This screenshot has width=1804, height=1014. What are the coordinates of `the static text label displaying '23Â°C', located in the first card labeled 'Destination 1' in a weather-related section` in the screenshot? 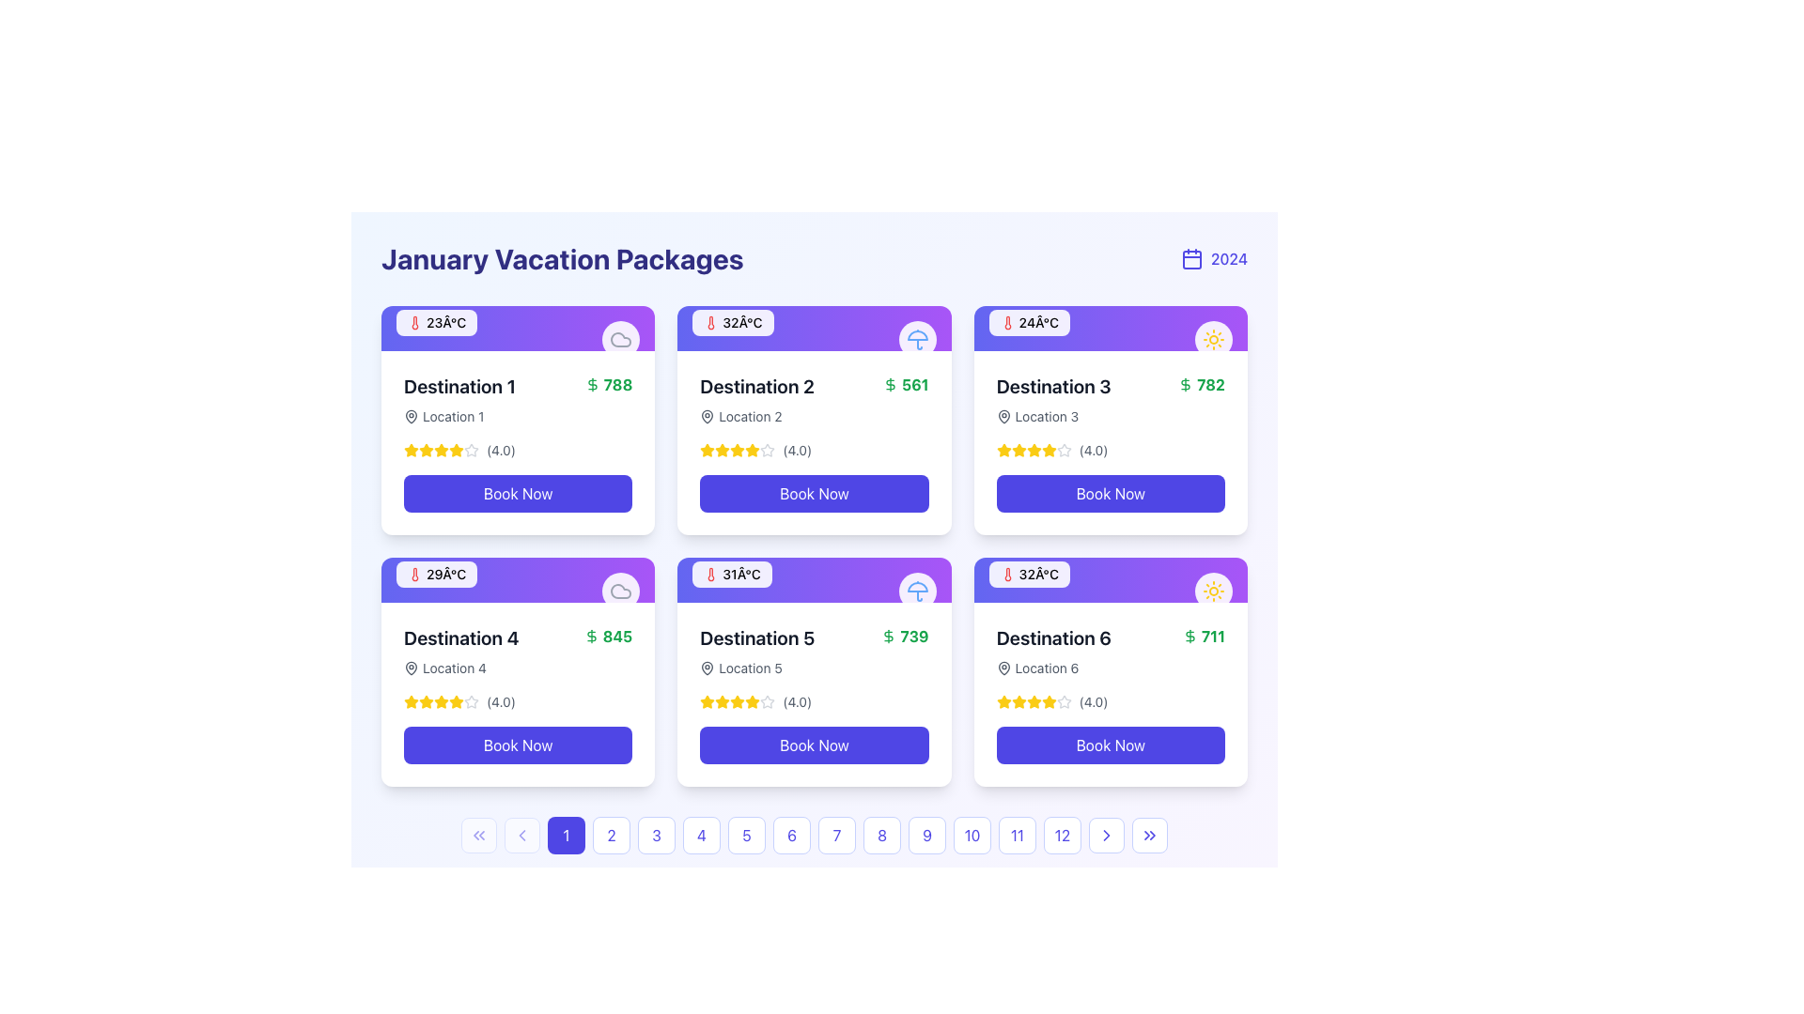 It's located at (445, 321).